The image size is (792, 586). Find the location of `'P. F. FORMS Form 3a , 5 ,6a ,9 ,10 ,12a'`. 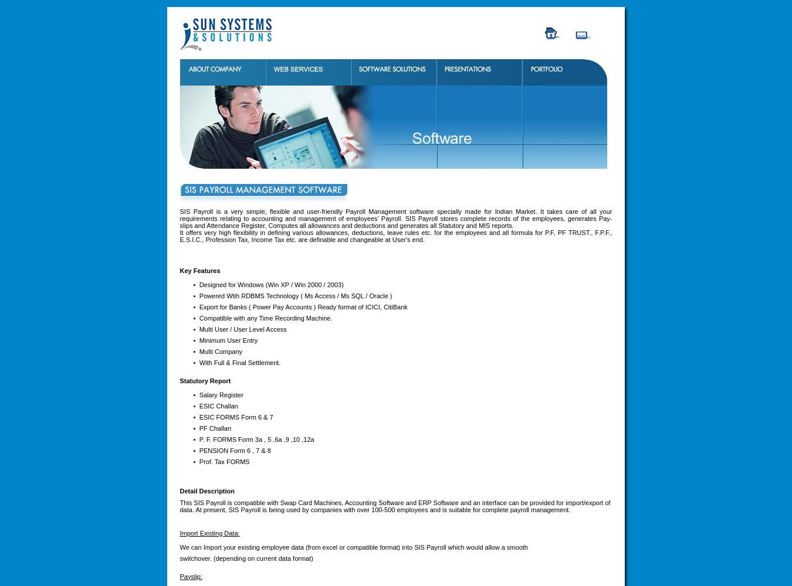

'P. F. FORMS Form 3a , 5 ,6a ,9 ,10 ,12a' is located at coordinates (256, 438).